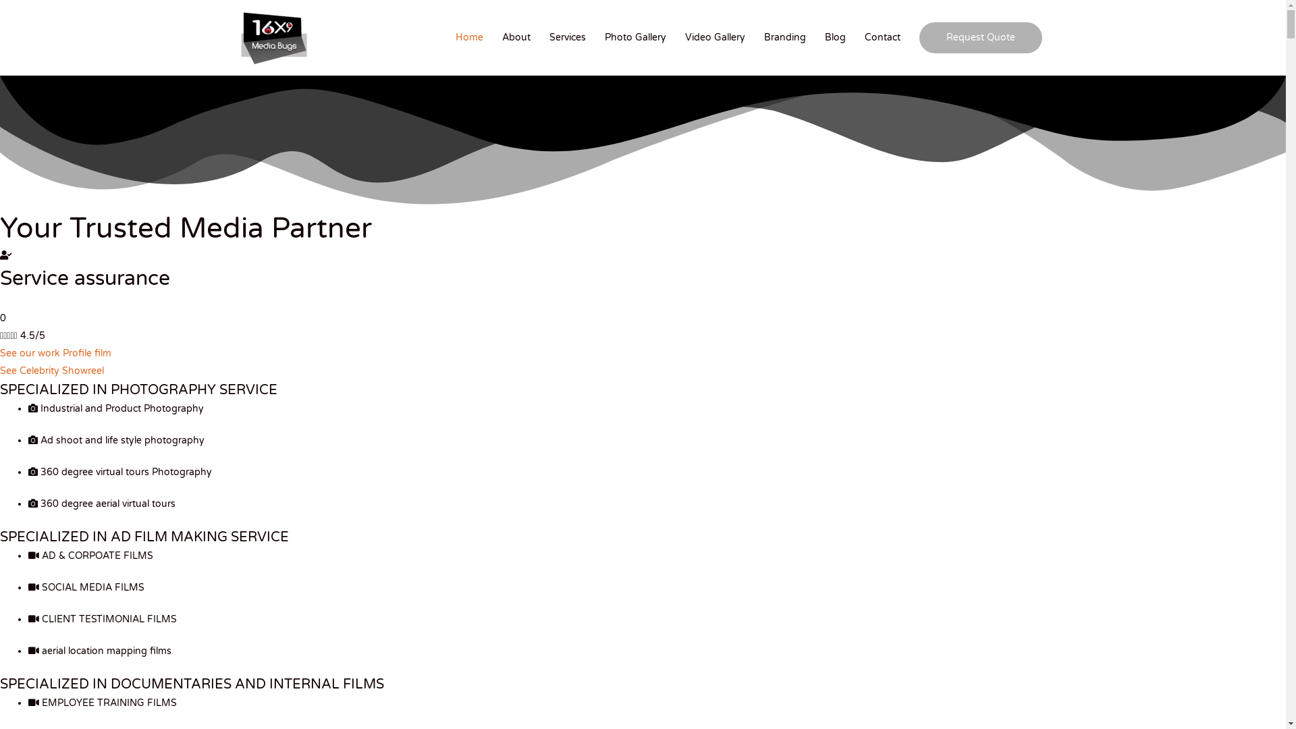 The width and height of the screenshot is (1296, 729). What do you see at coordinates (567, 37) in the screenshot?
I see `'Services'` at bounding box center [567, 37].